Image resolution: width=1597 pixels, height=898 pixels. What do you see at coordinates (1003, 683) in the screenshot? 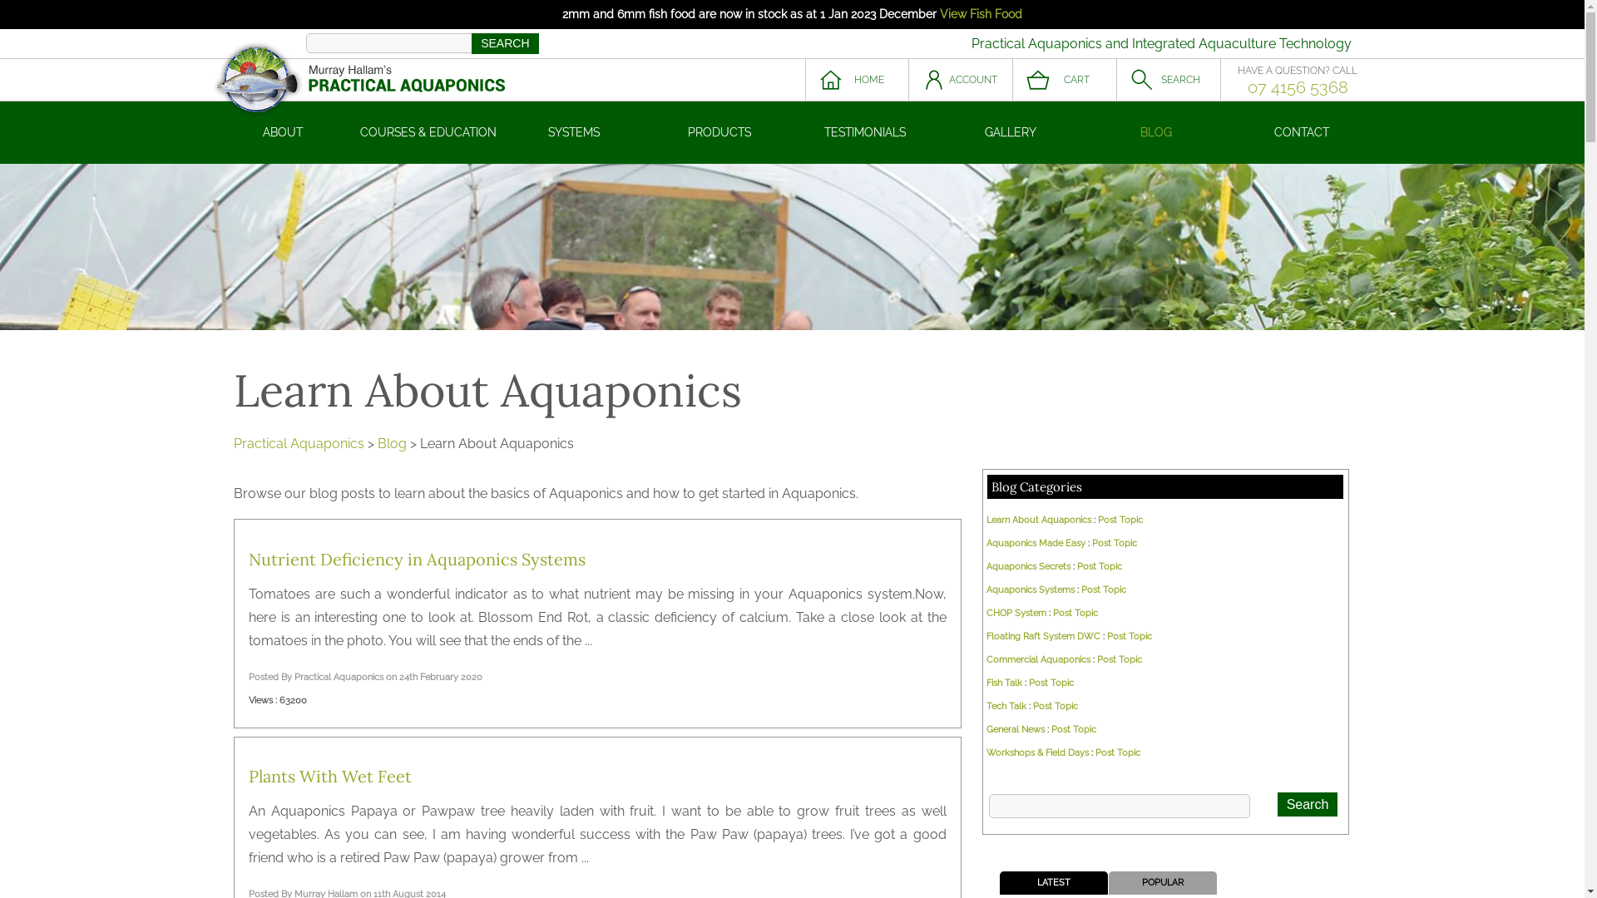
I see `'Fish Talk'` at bounding box center [1003, 683].